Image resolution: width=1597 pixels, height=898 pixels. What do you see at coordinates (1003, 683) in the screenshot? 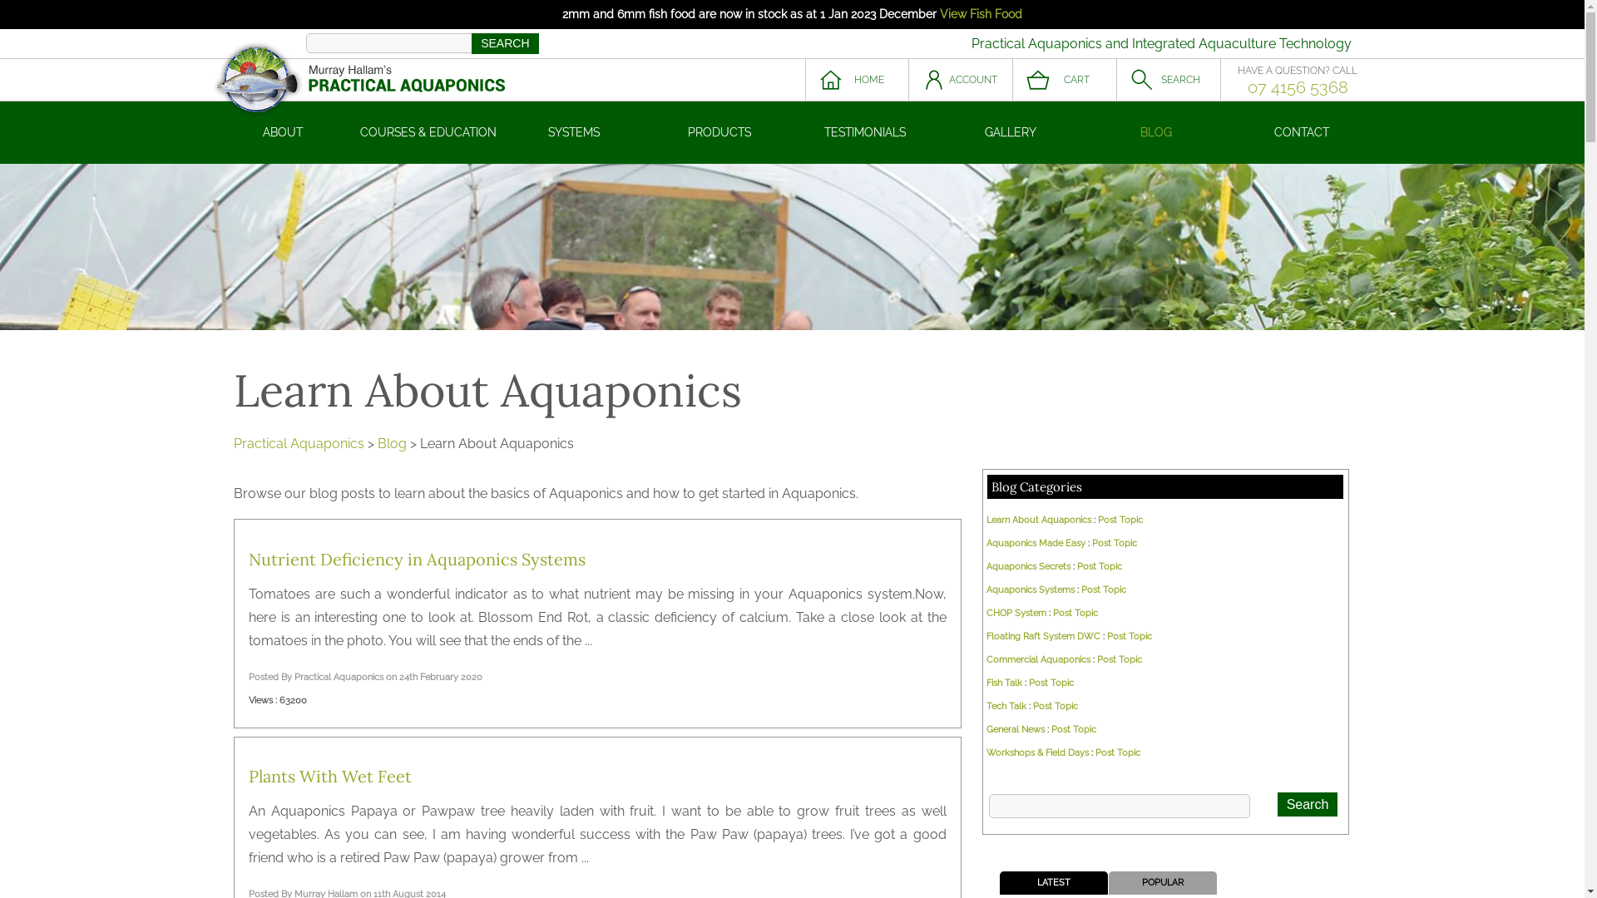
I see `'Fish Talk'` at bounding box center [1003, 683].